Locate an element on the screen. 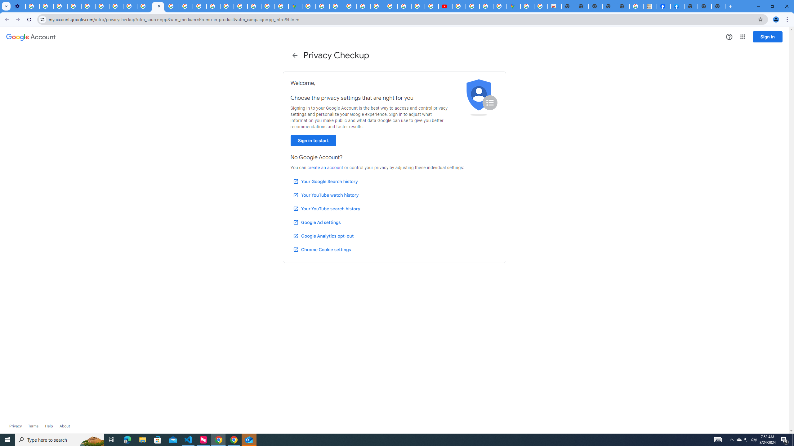  'Your Google Search history' is located at coordinates (325, 181).